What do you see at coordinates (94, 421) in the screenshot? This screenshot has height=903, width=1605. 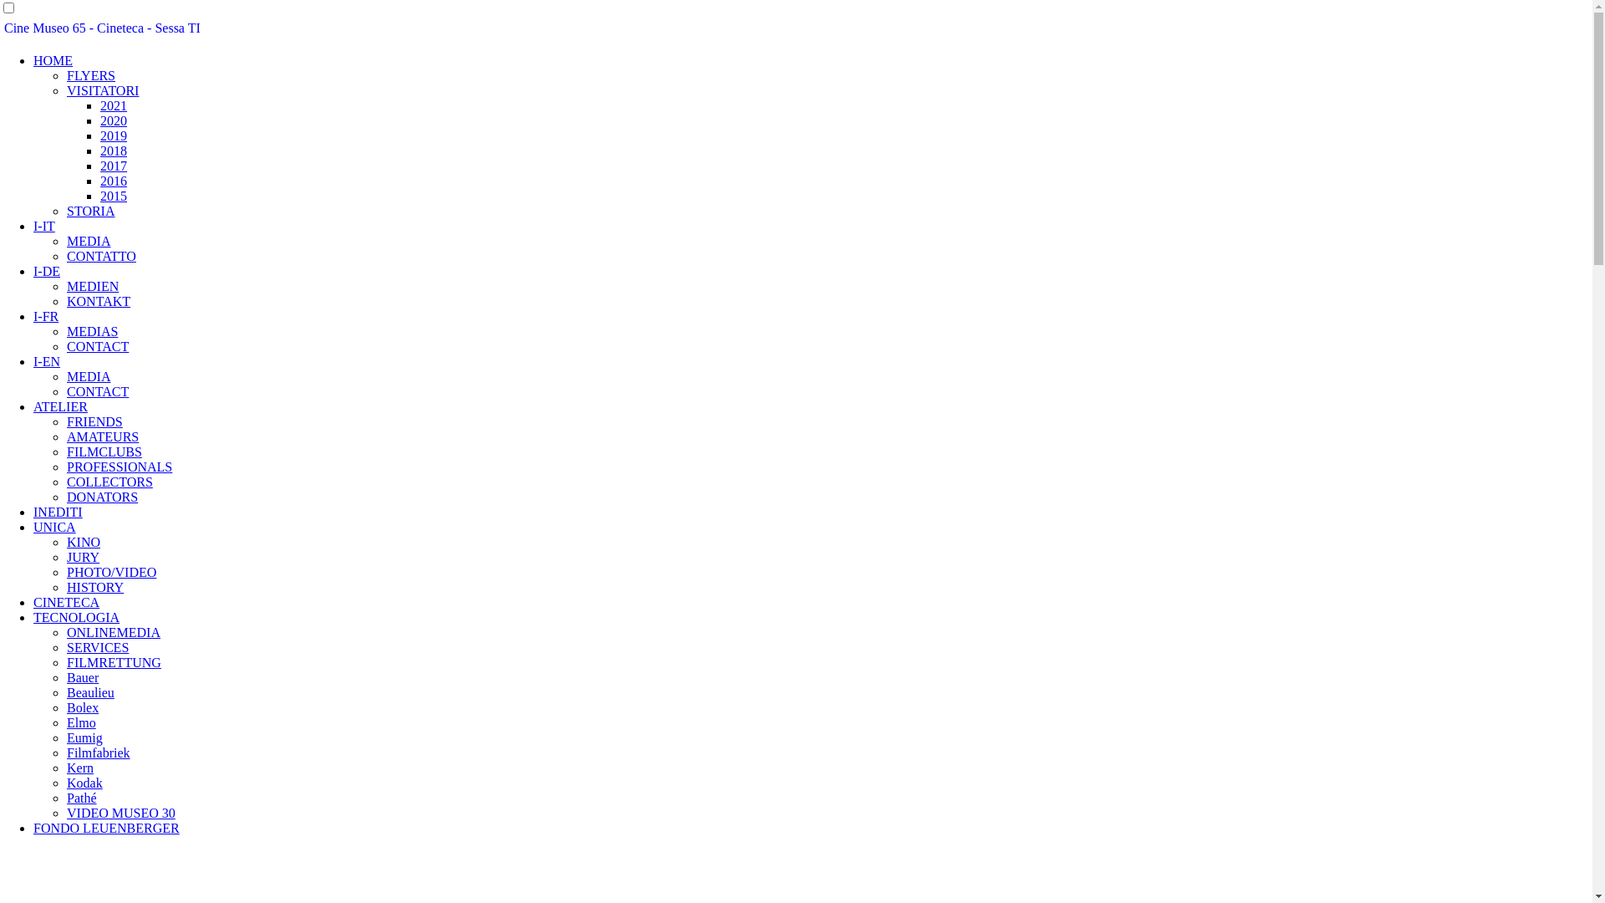 I see `'FRIENDS'` at bounding box center [94, 421].